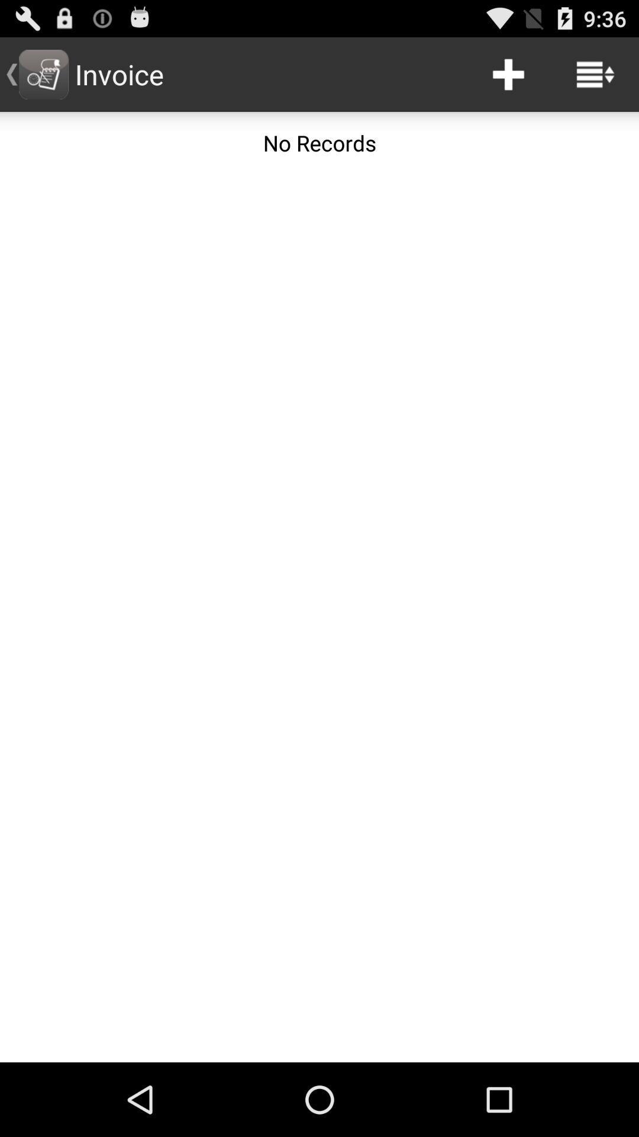  Describe the element at coordinates (319, 617) in the screenshot. I see `the icon at the center` at that location.